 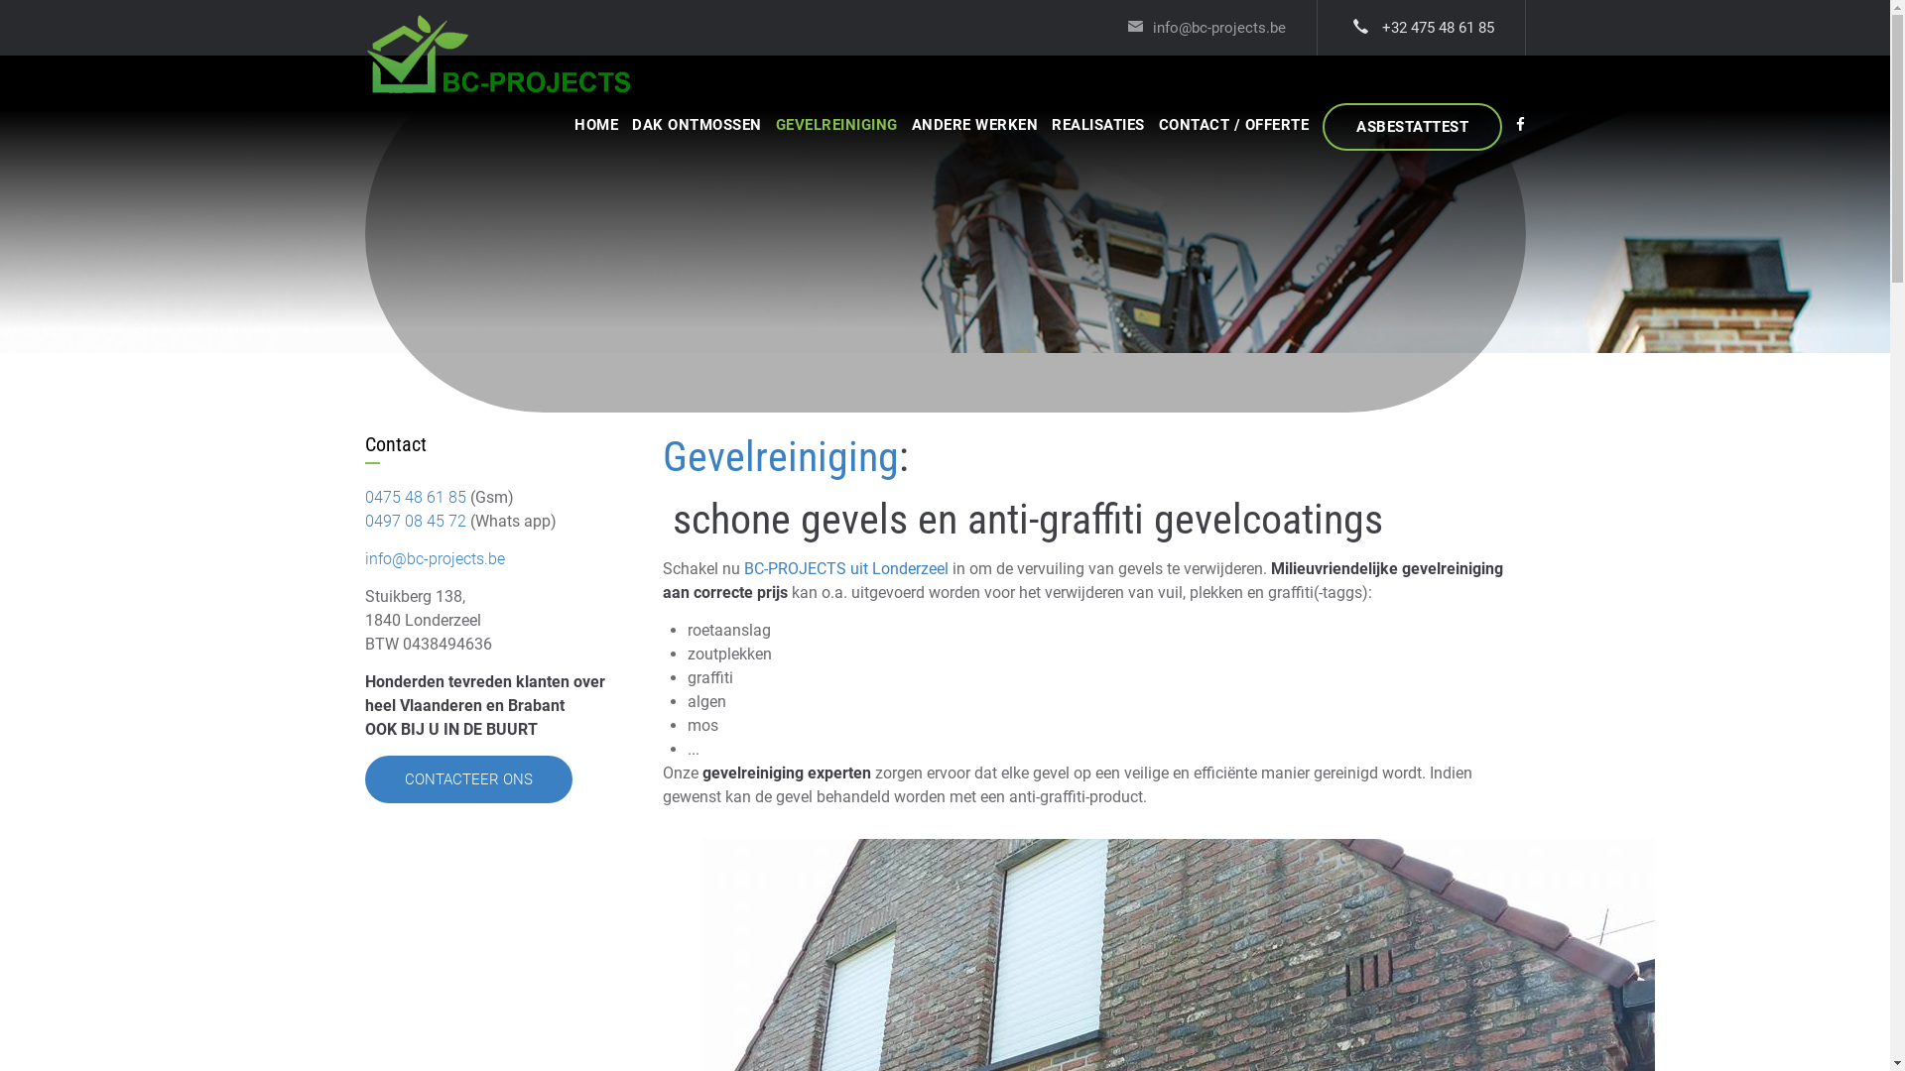 I want to click on 'HOME', so click(x=594, y=126).